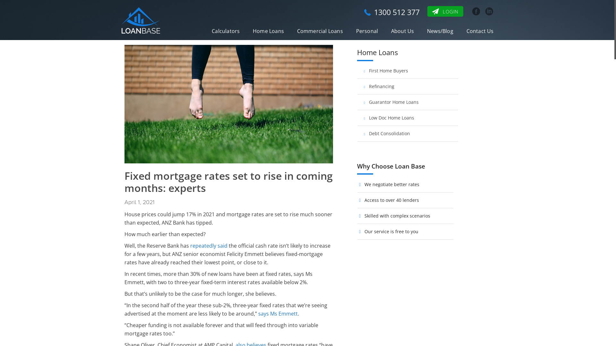  What do you see at coordinates (407, 118) in the screenshot?
I see `'Low Doc Home Loans'` at bounding box center [407, 118].